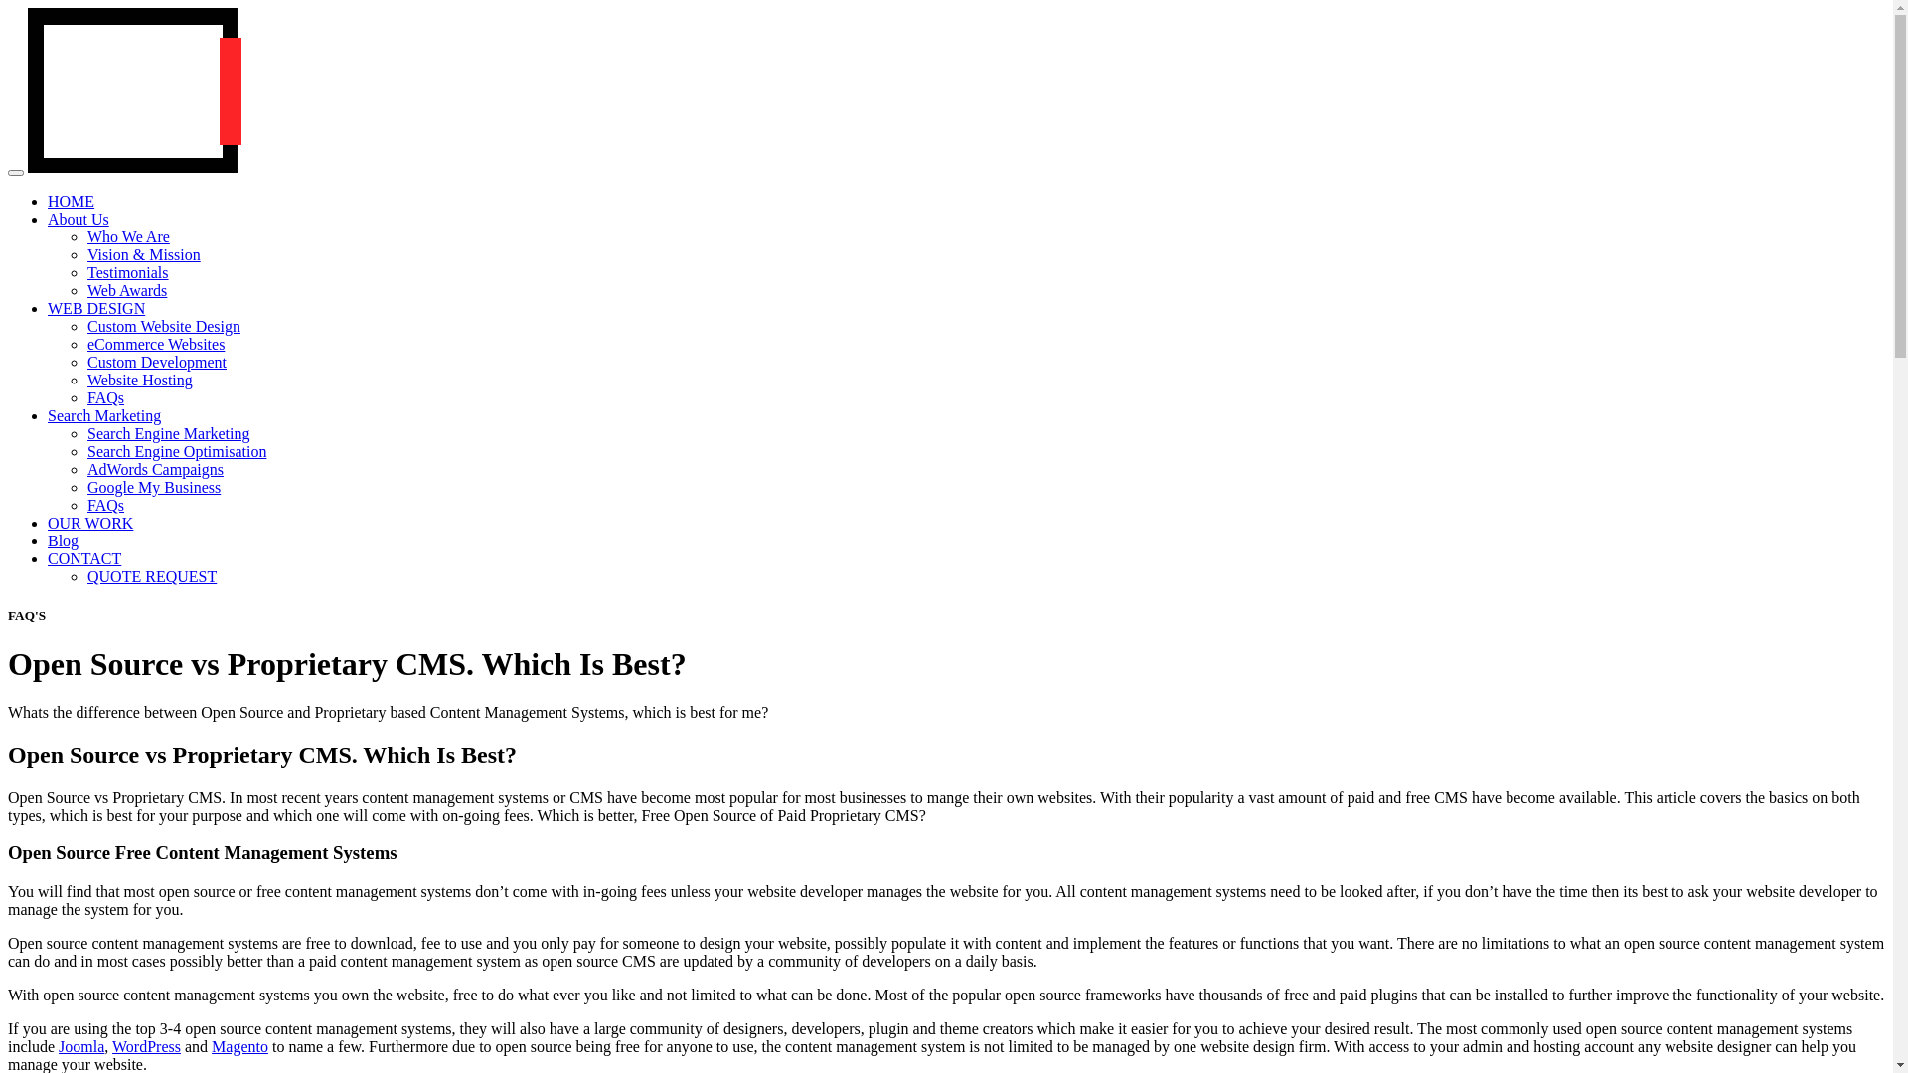 The height and width of the screenshot is (1073, 1908). What do you see at coordinates (127, 235) in the screenshot?
I see `'Who We Are'` at bounding box center [127, 235].